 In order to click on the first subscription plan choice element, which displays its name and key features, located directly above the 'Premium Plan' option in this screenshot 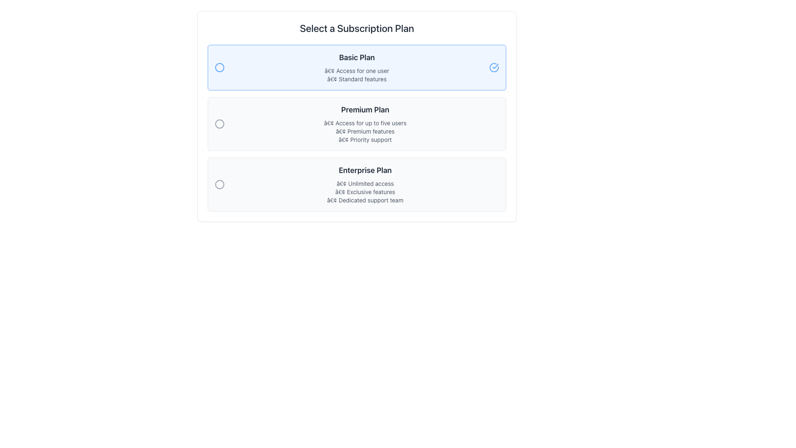, I will do `click(357, 67)`.